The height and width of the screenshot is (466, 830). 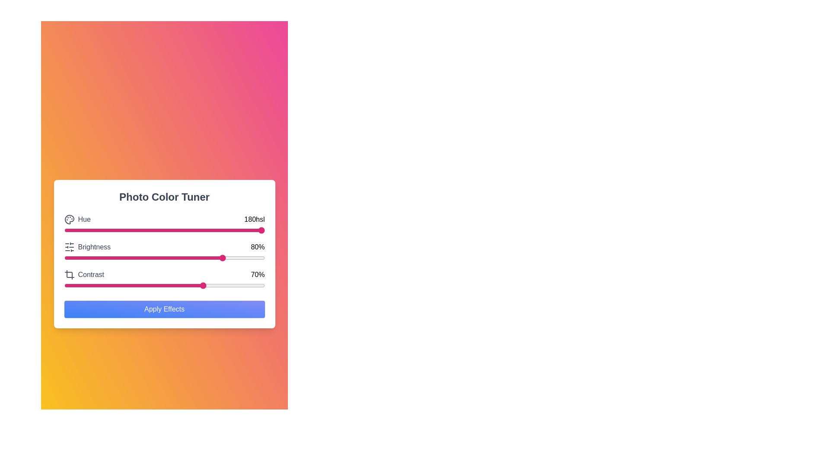 I want to click on the hue slider to set the hue value to 42, so click(x=148, y=230).